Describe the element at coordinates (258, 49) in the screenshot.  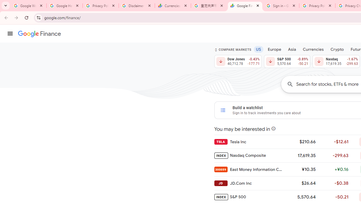
I see `'US'` at that location.